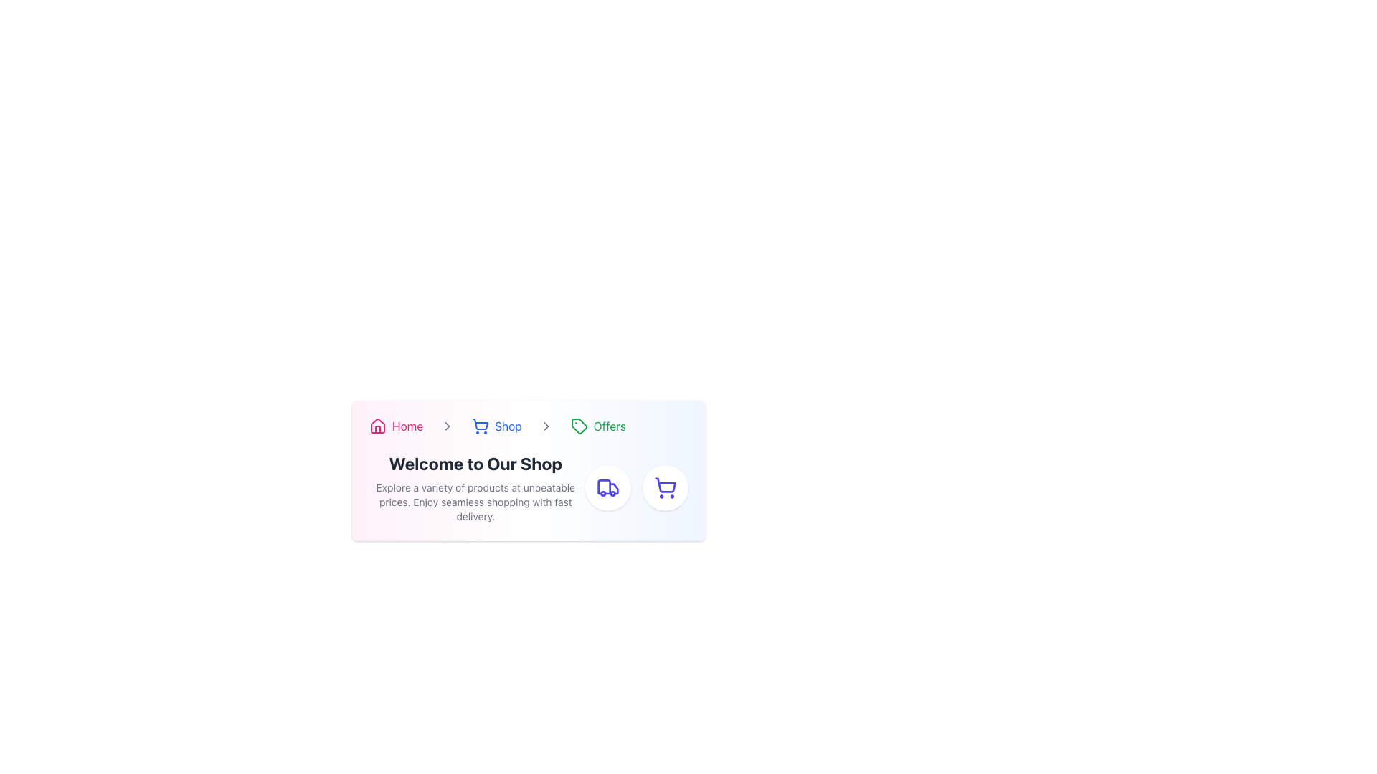  I want to click on the rightward-pointing arrow icon in the breadcrumb navigation bar, located between the 'Shop' and 'Offers' labels, so click(447, 425).